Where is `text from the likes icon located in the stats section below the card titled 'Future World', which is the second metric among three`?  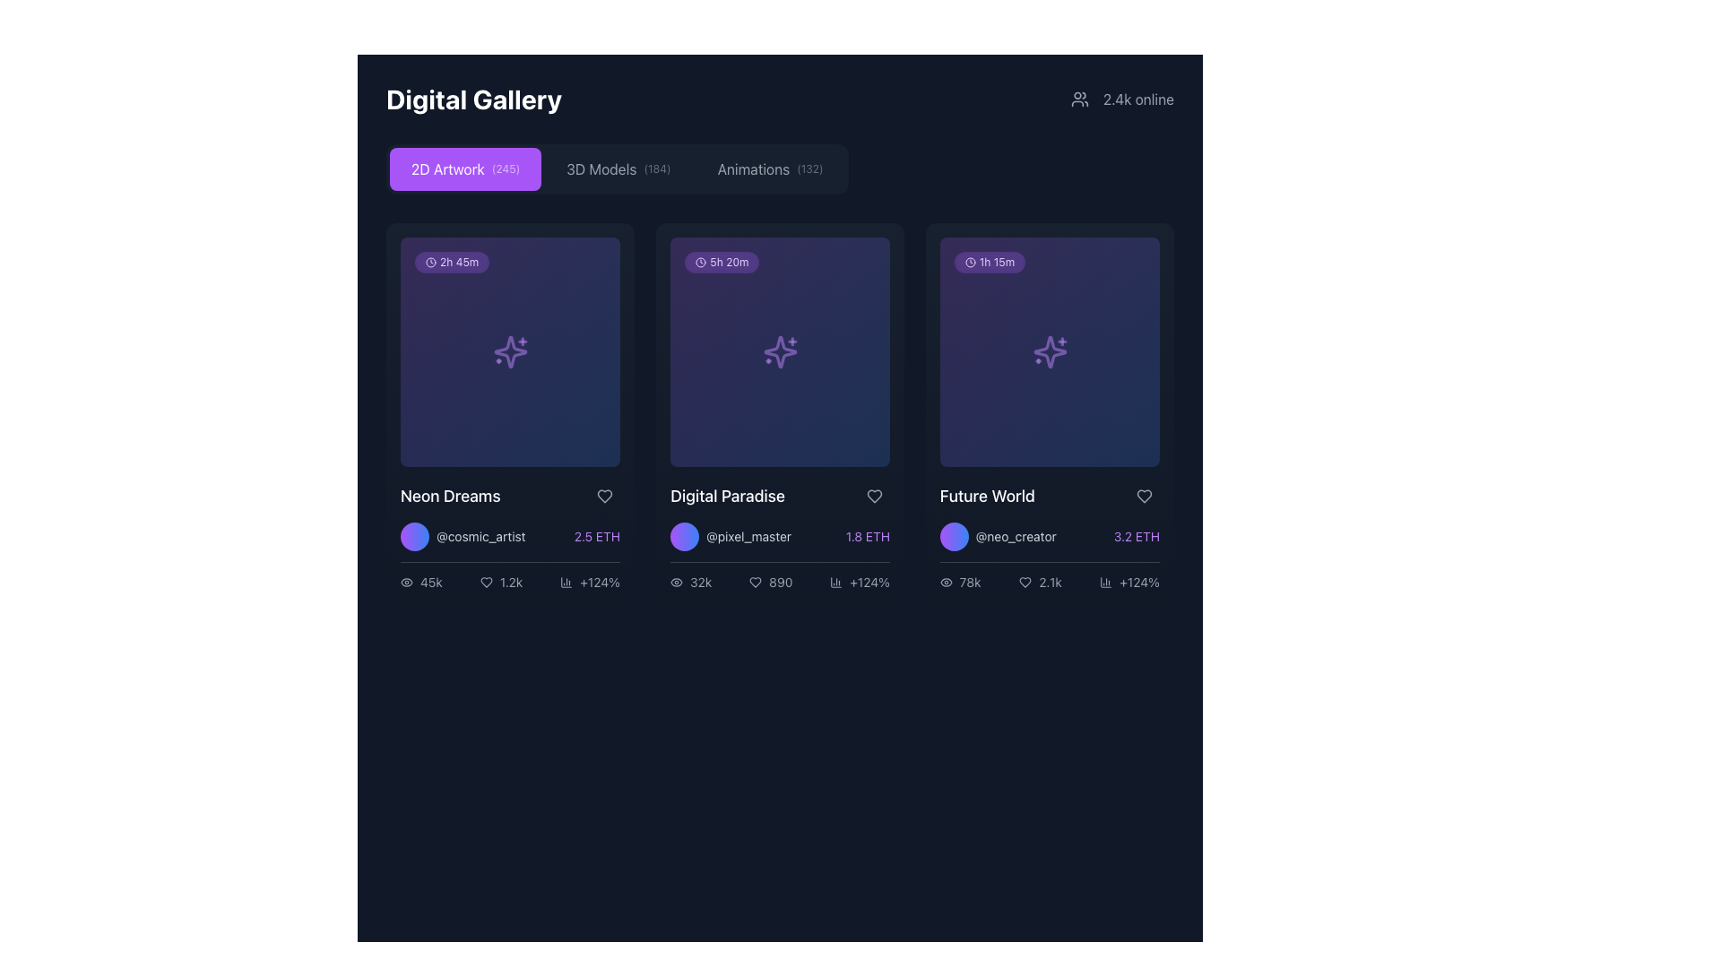
text from the likes icon located in the stats section below the card titled 'Future World', which is the second metric among three is located at coordinates (1041, 583).